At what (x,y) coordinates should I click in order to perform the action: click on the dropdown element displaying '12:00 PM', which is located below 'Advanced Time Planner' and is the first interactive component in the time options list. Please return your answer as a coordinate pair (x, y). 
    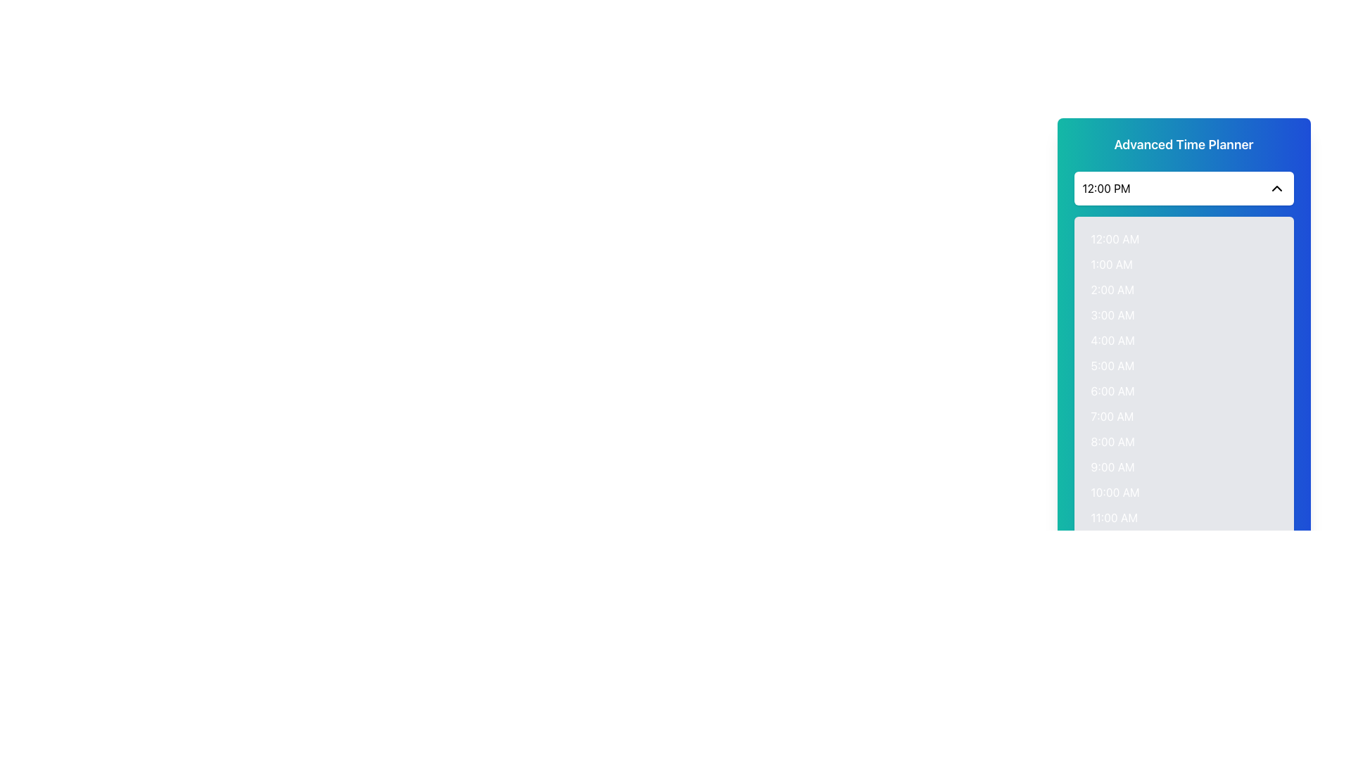
    Looking at the image, I should click on (1183, 187).